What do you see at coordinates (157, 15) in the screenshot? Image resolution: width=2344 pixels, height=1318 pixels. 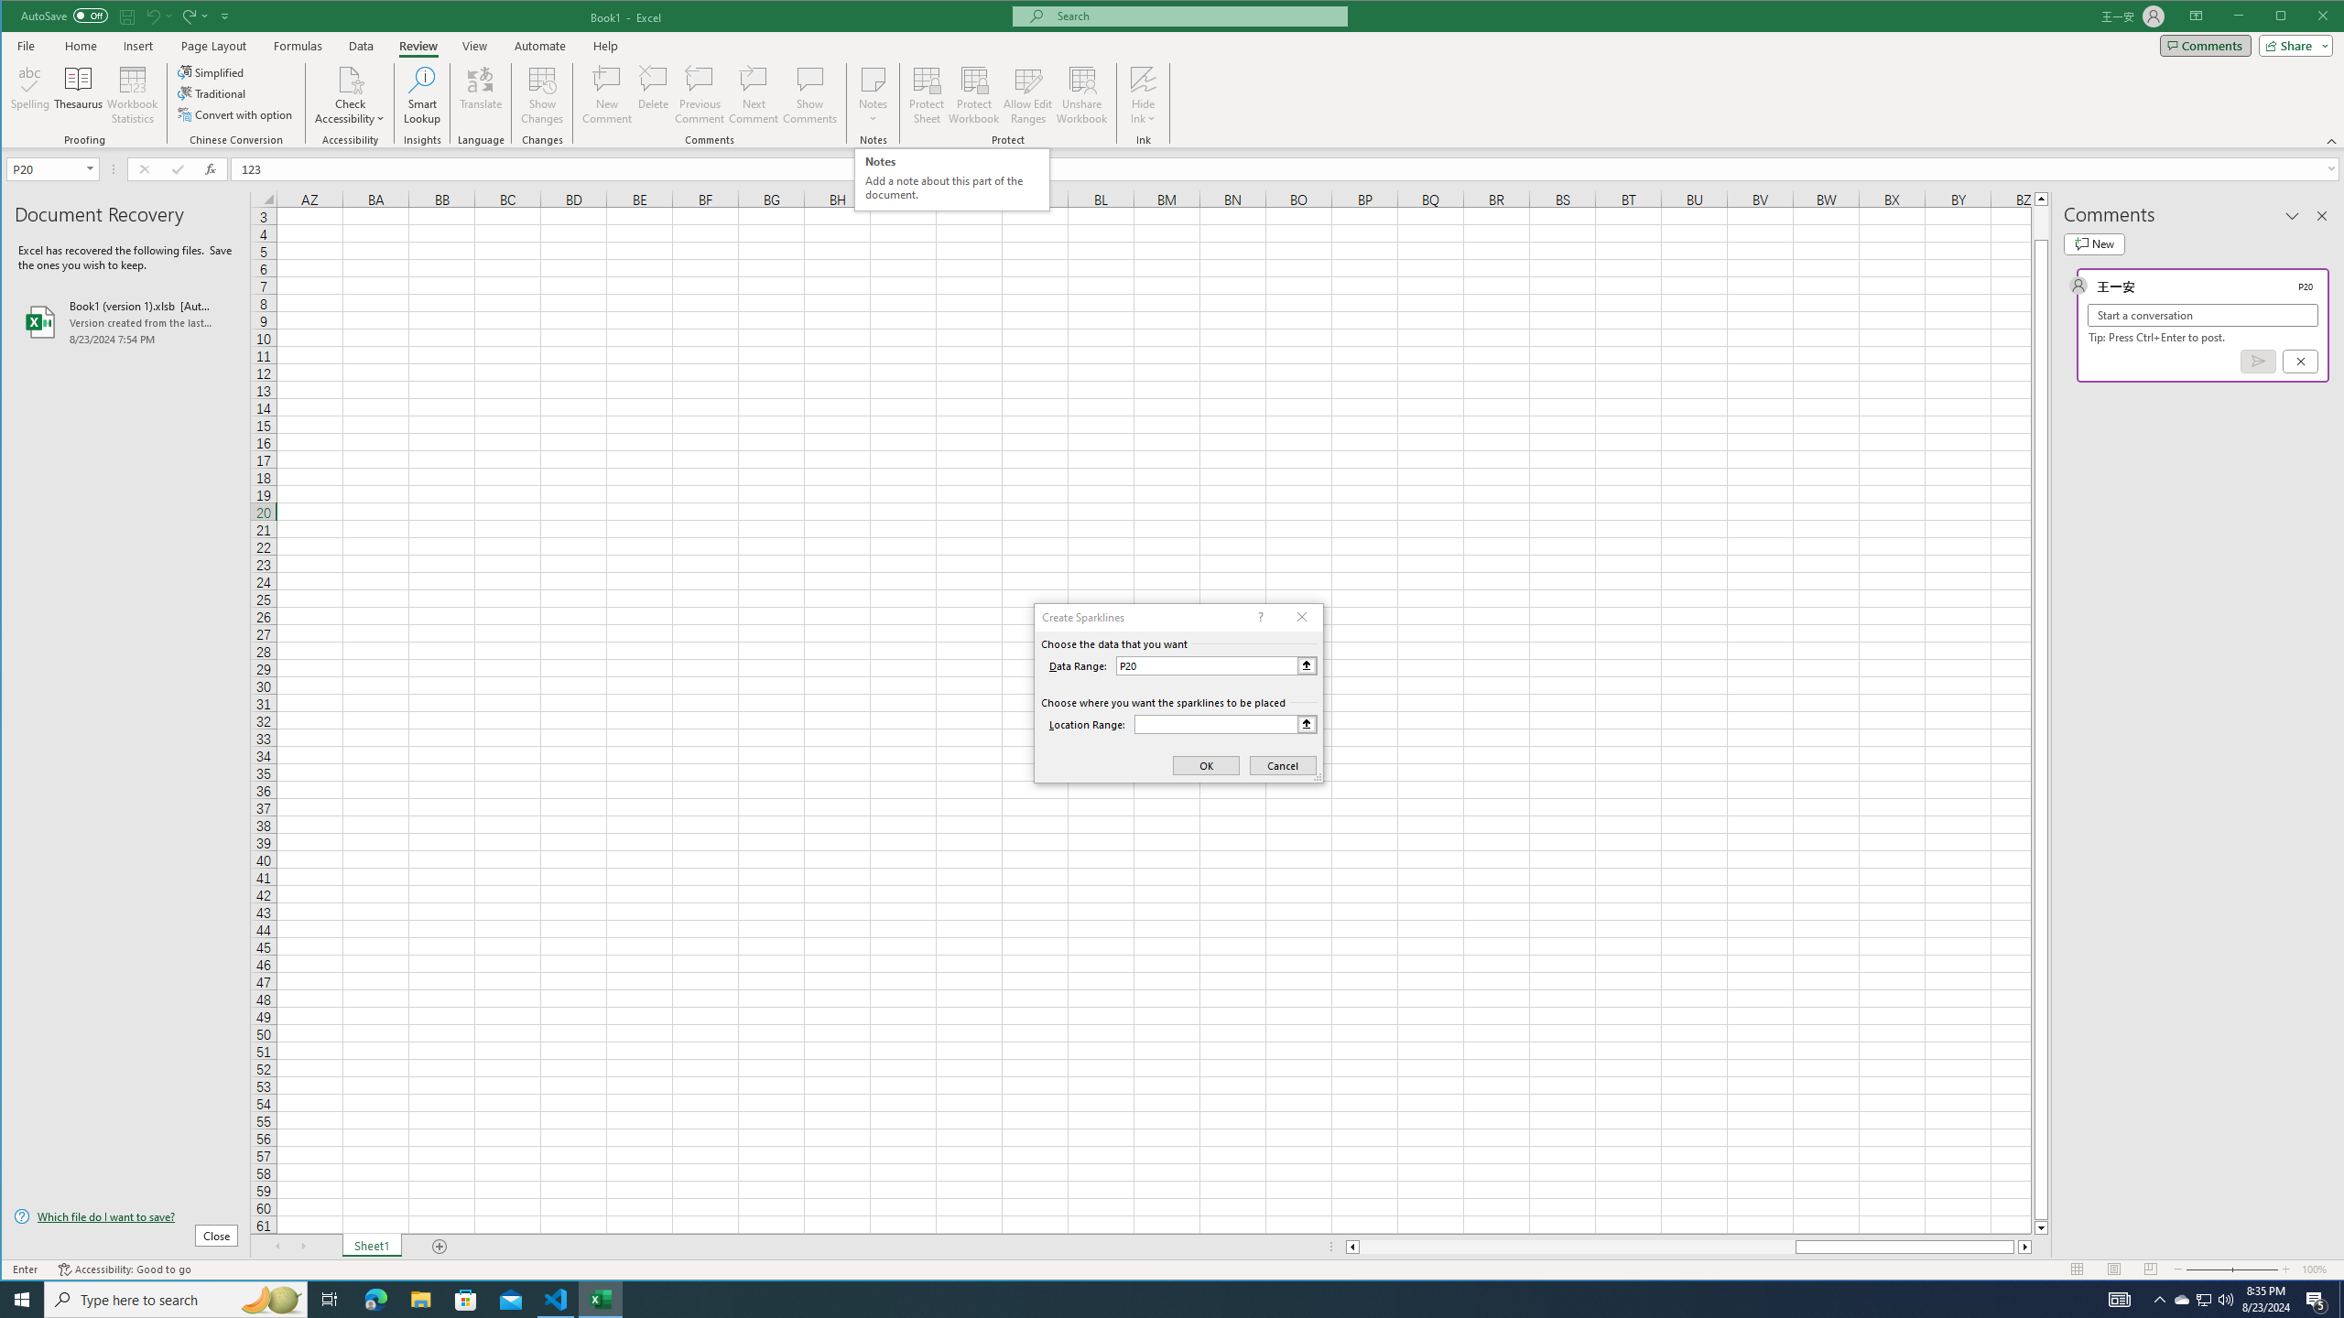 I see `'Undo'` at bounding box center [157, 15].